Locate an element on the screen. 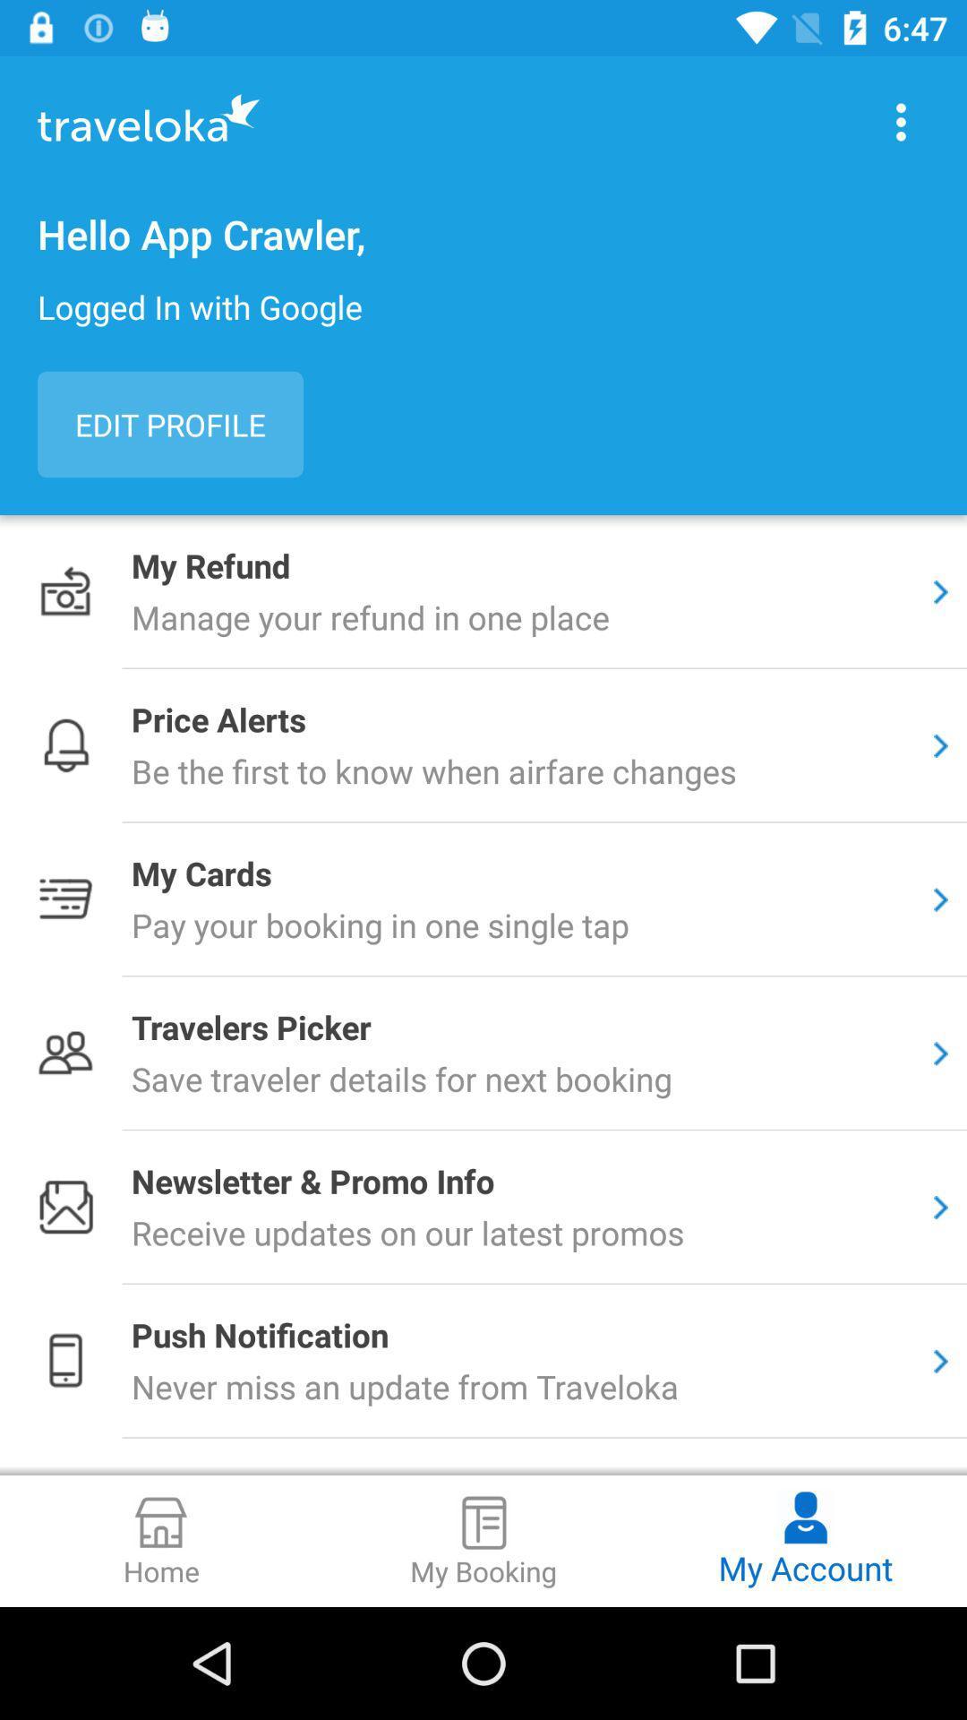 The height and width of the screenshot is (1720, 967). show the menu is located at coordinates (901, 121).